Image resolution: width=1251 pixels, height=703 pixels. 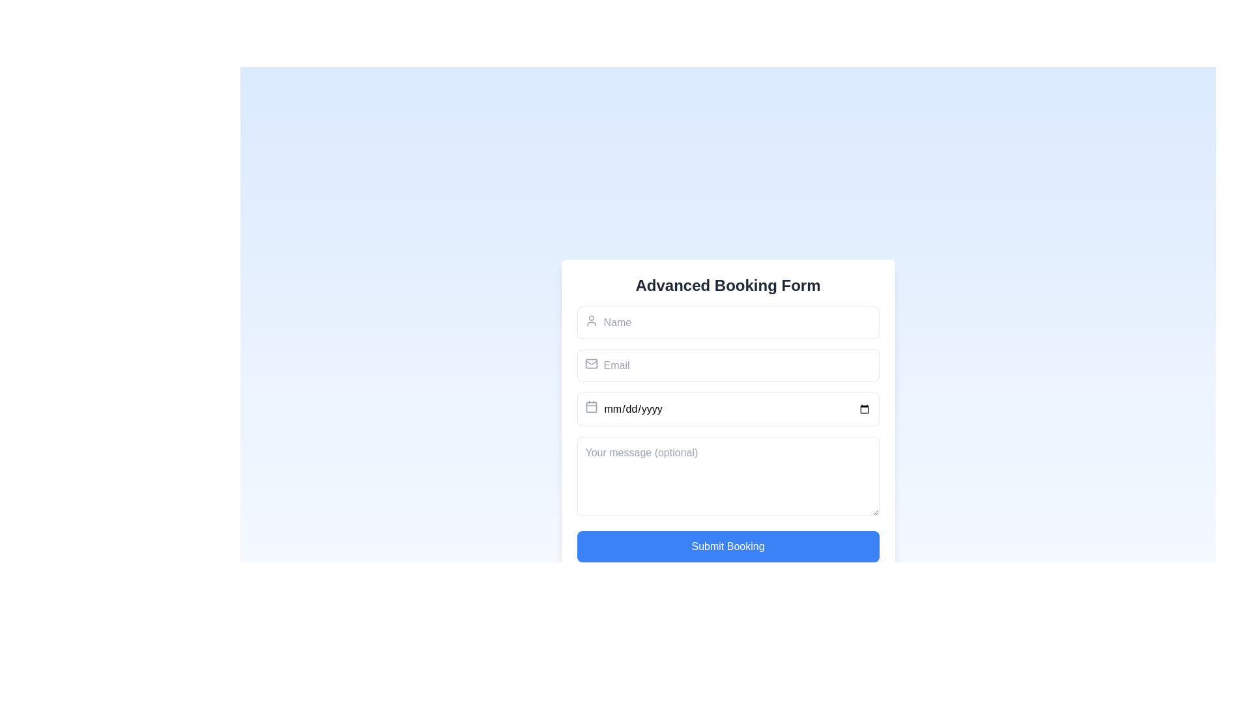 I want to click on the calendar icon component, which is a gray rectangular shape with rounded corners, located adjacent to the text box labeled 'mm/dd/yyyy', so click(x=590, y=406).